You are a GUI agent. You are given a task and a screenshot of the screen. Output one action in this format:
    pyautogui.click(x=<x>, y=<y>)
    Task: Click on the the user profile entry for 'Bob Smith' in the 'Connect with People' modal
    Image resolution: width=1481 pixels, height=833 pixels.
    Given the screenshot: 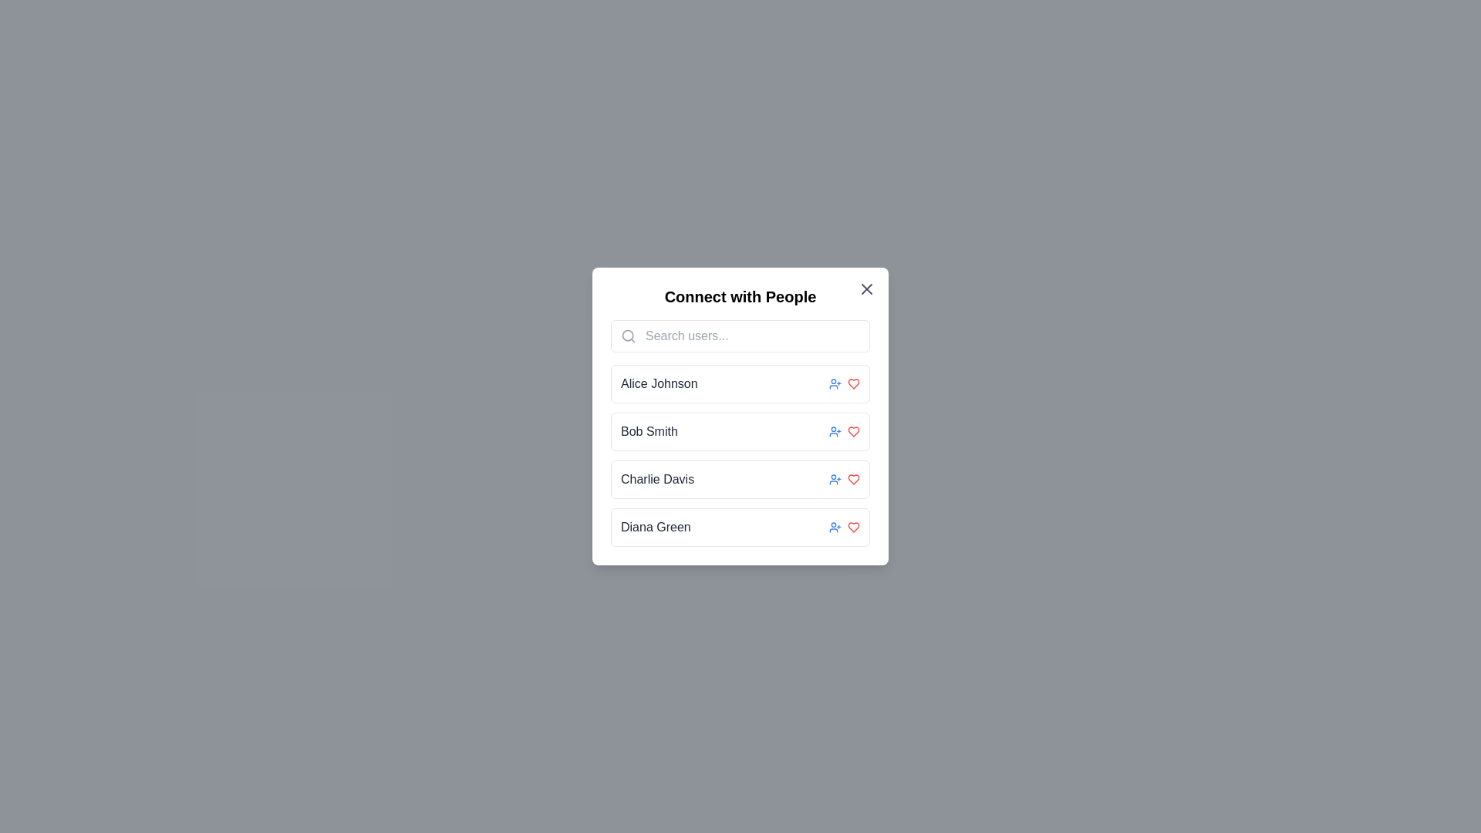 What is the action you would take?
    pyautogui.click(x=740, y=431)
    